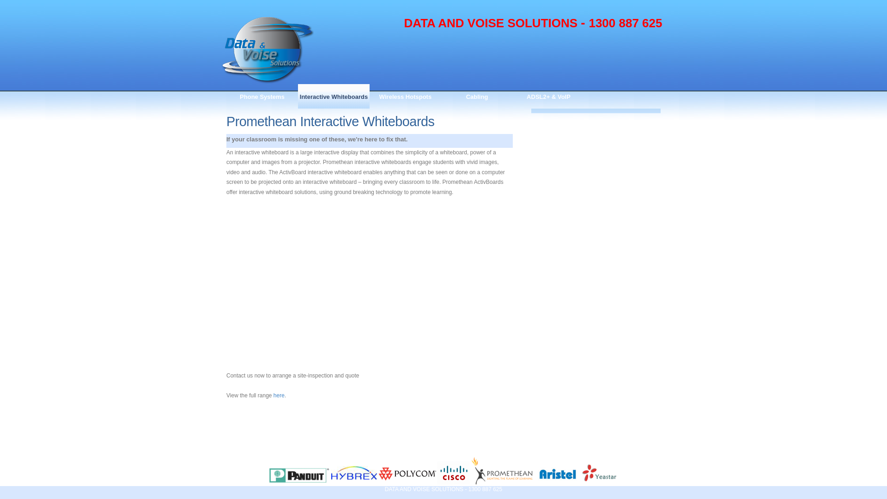 Image resolution: width=887 pixels, height=499 pixels. What do you see at coordinates (261, 96) in the screenshot?
I see `'Phone Systems'` at bounding box center [261, 96].